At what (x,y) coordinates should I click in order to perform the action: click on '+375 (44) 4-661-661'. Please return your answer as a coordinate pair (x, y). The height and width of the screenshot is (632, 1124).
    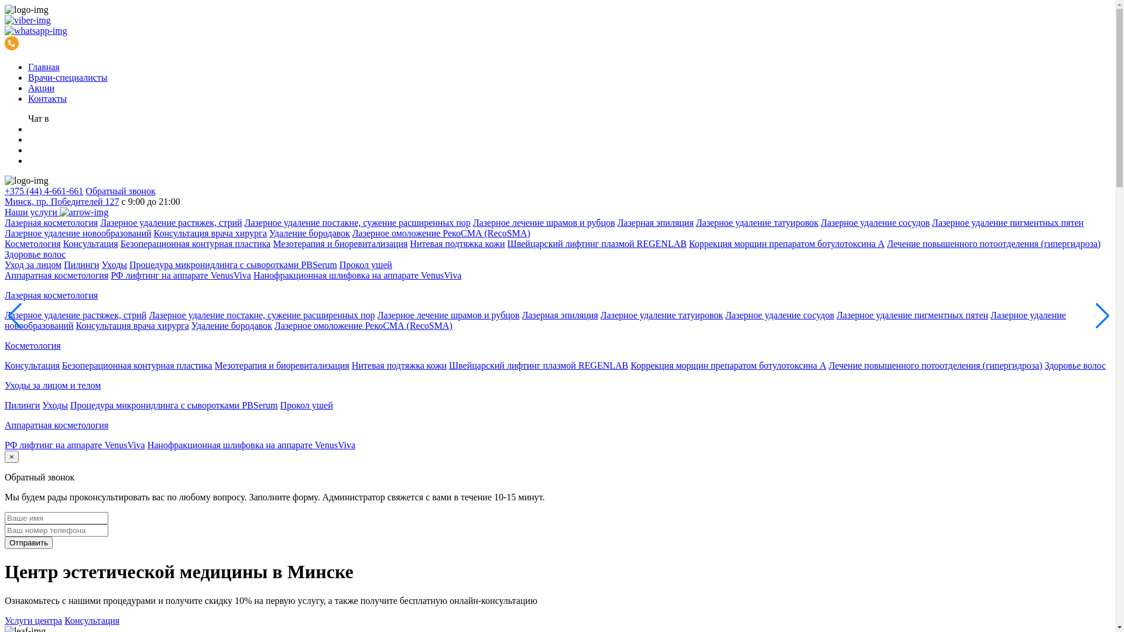
    Looking at the image, I should click on (5, 190).